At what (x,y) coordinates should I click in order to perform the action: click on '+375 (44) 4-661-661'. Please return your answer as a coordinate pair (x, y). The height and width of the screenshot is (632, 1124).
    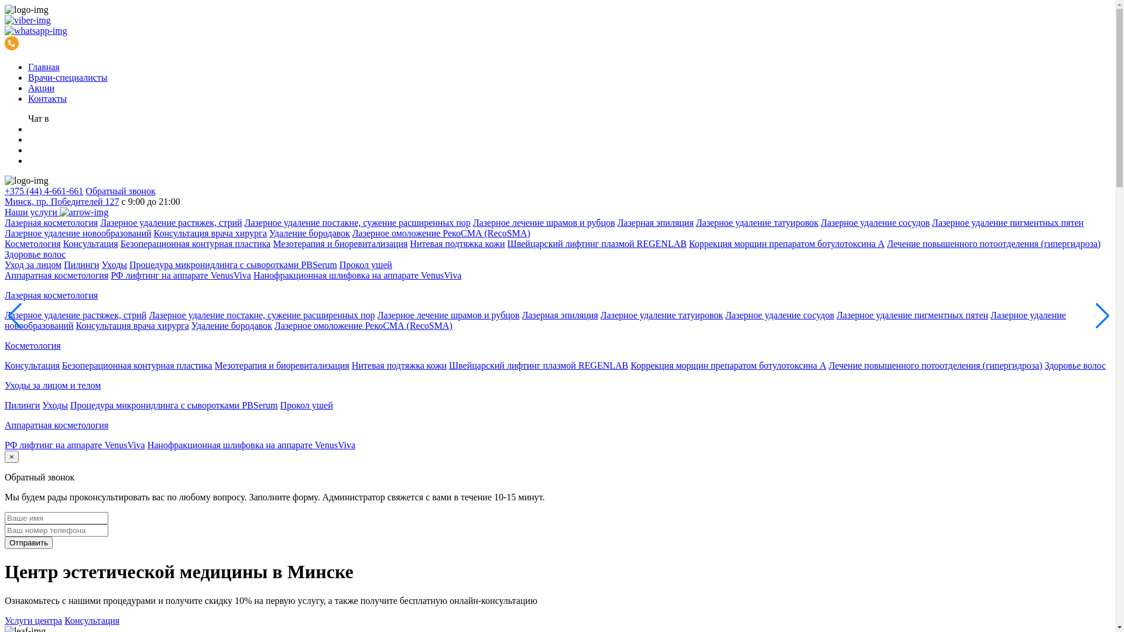
    Looking at the image, I should click on (5, 190).